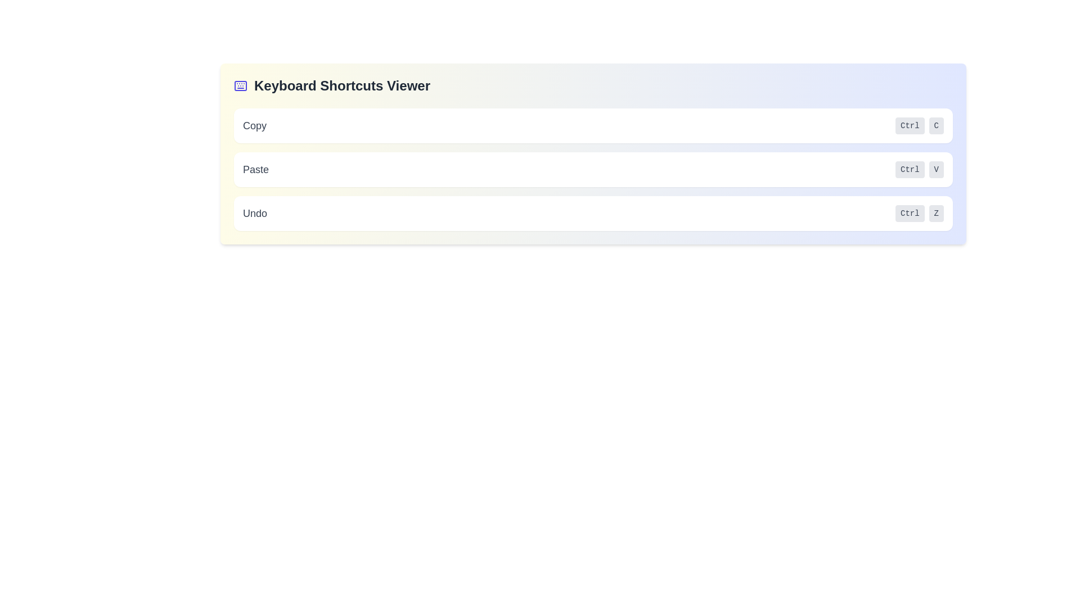 The height and width of the screenshot is (607, 1080). I want to click on the 'Z' key button-like text label, which represents the undo action in the keyboard shortcuts list, so click(936, 214).